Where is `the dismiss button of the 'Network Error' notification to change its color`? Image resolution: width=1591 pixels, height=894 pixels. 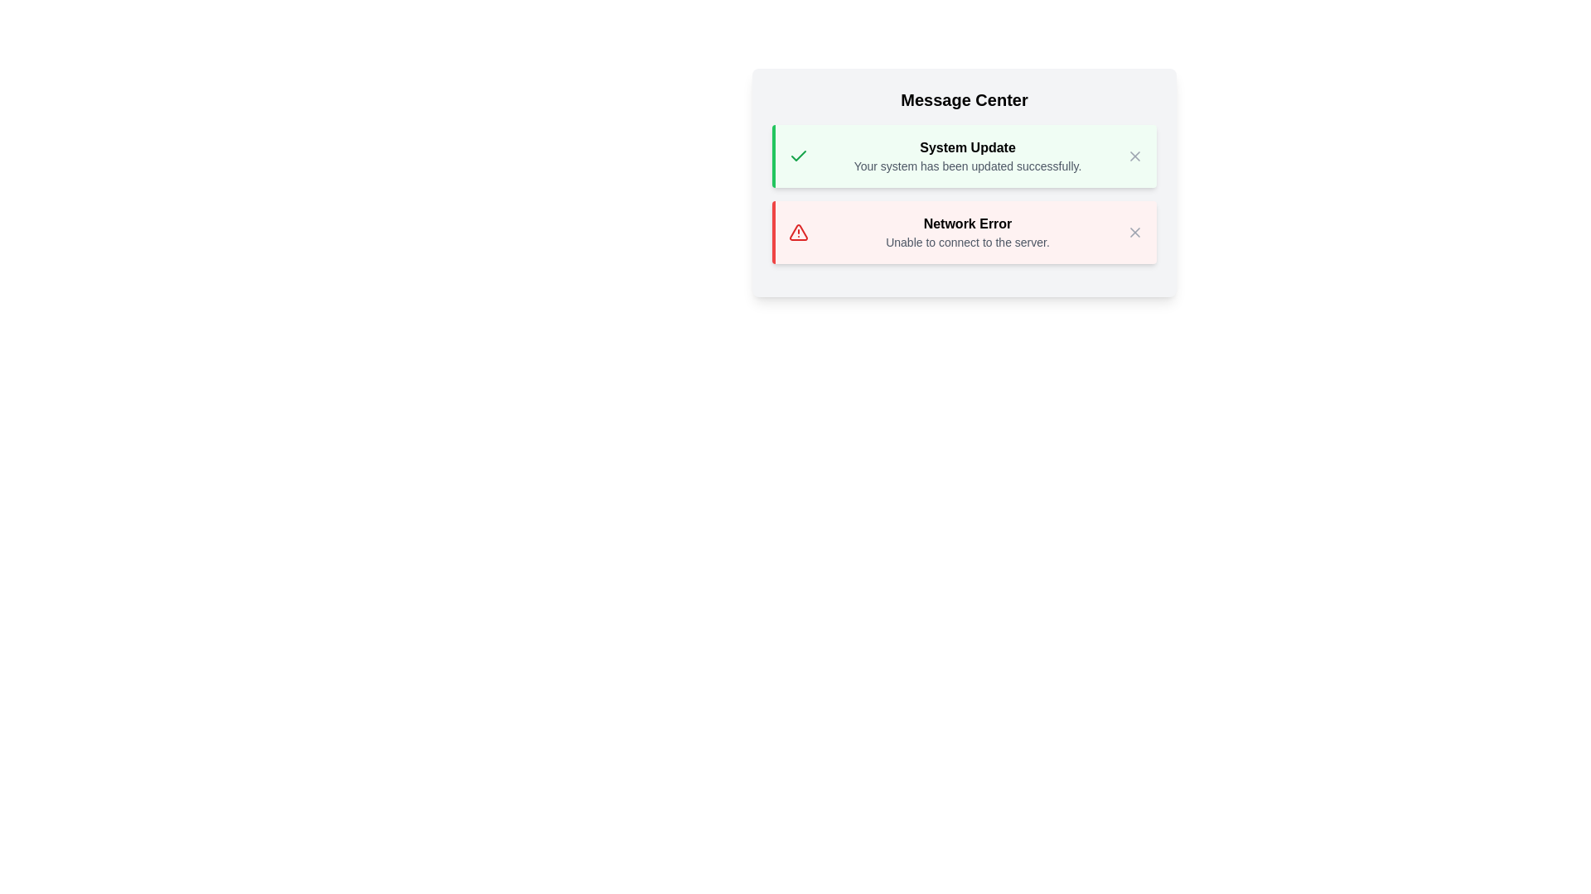 the dismiss button of the 'Network Error' notification to change its color is located at coordinates (1134, 233).